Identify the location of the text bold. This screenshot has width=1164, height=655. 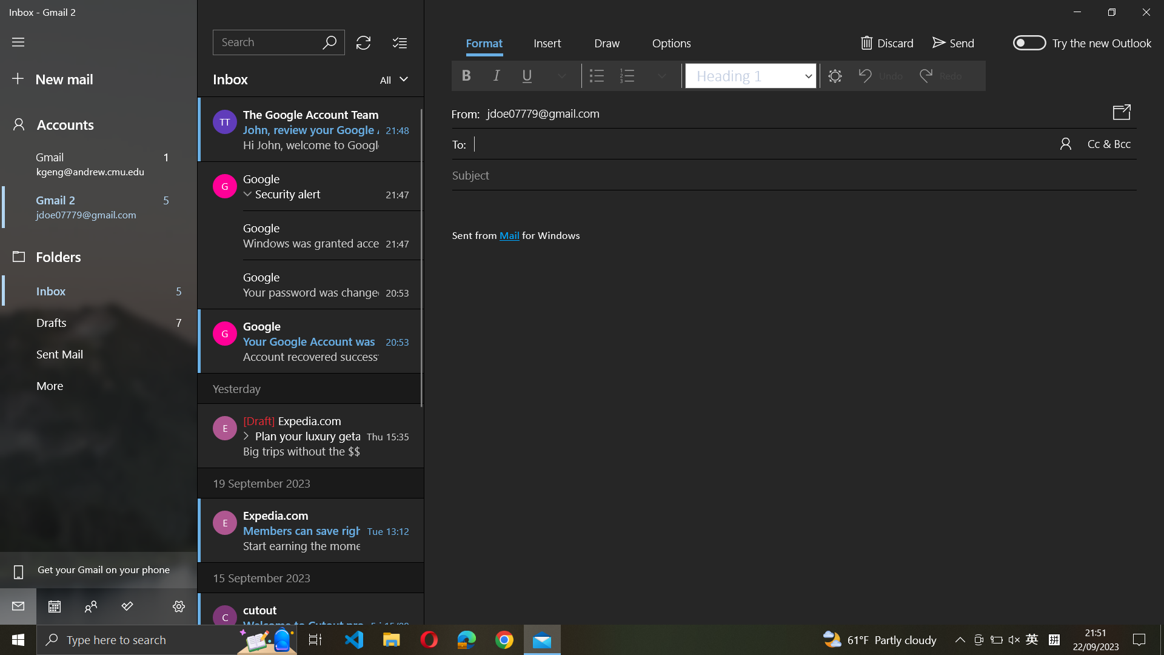
(465, 75).